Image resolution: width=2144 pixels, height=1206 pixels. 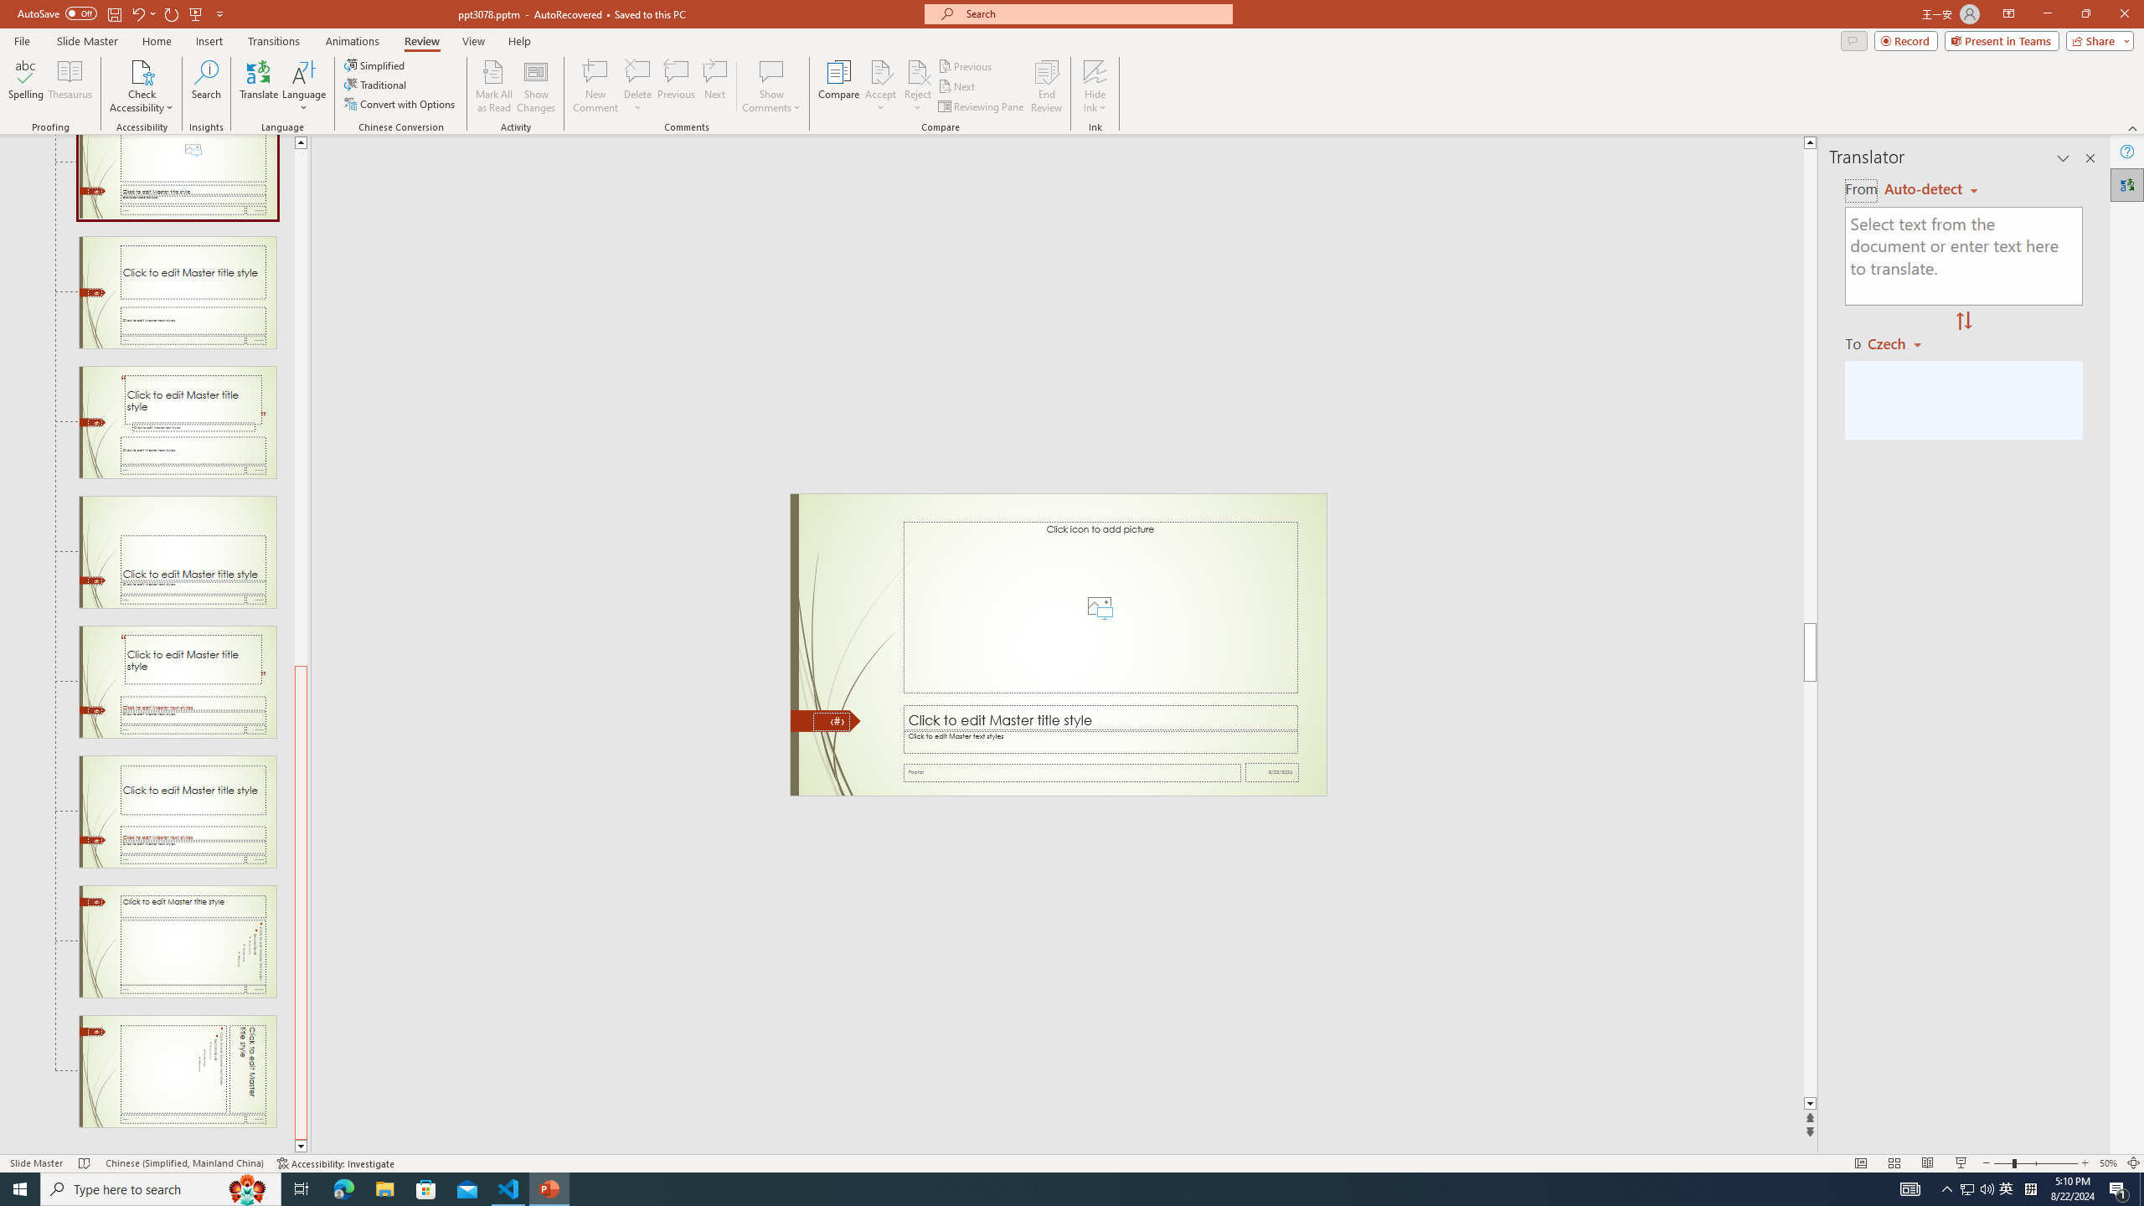 What do you see at coordinates (1099, 606) in the screenshot?
I see `'Picture Placeholder 2'` at bounding box center [1099, 606].